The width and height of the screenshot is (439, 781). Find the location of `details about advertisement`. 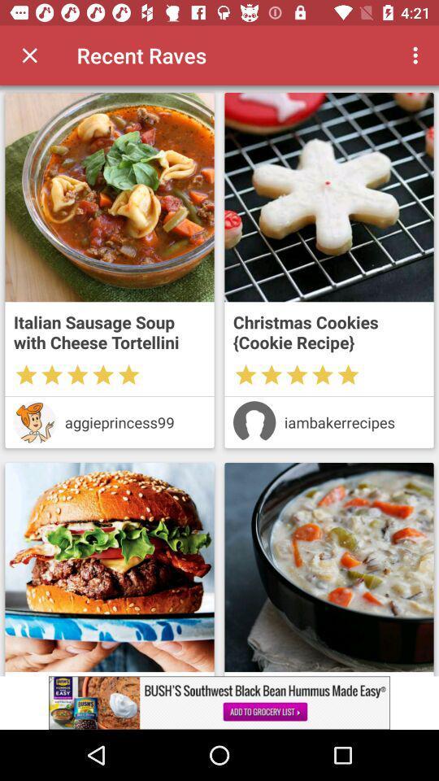

details about advertisement is located at coordinates (219, 702).